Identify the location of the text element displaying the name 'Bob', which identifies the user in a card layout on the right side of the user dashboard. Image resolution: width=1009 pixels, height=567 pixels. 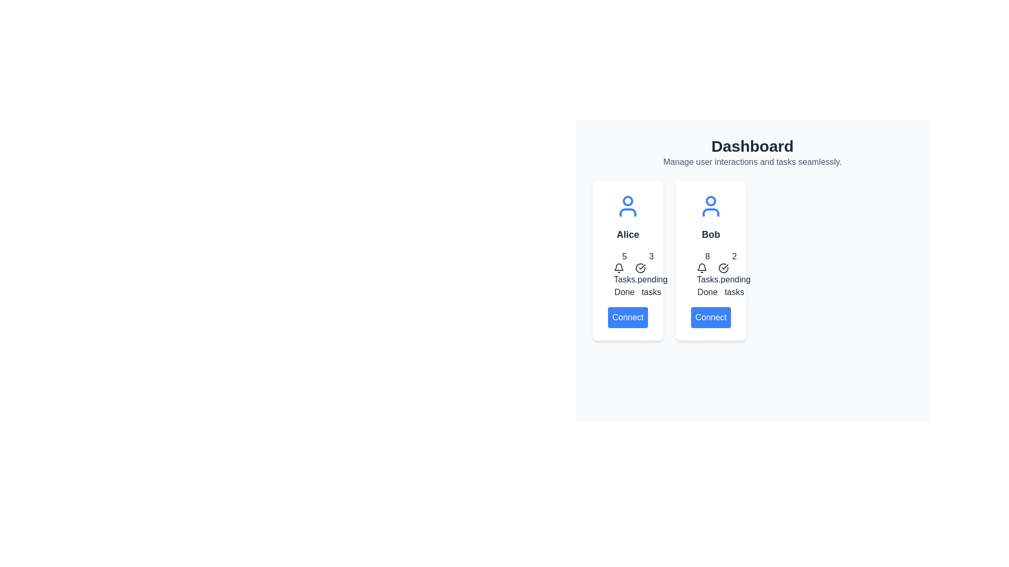
(711, 234).